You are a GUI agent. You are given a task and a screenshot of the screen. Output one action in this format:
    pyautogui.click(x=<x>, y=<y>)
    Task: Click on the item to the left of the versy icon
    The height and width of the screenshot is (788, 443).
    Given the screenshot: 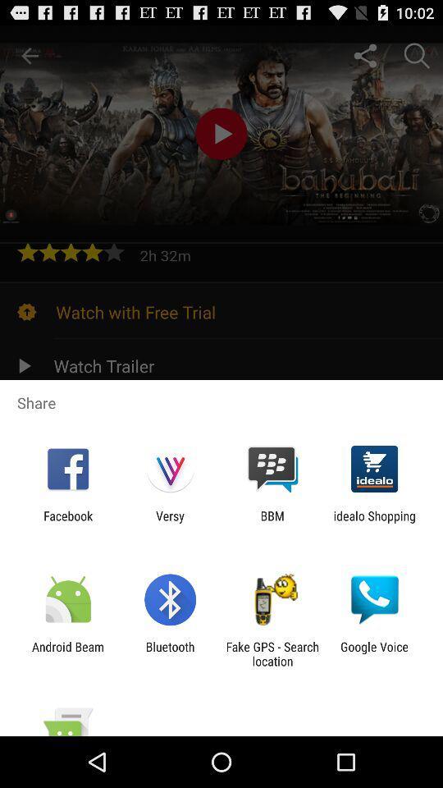 What is the action you would take?
    pyautogui.click(x=67, y=522)
    